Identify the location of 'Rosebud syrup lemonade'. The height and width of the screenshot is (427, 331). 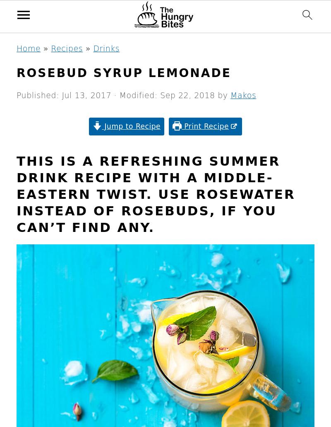
(124, 72).